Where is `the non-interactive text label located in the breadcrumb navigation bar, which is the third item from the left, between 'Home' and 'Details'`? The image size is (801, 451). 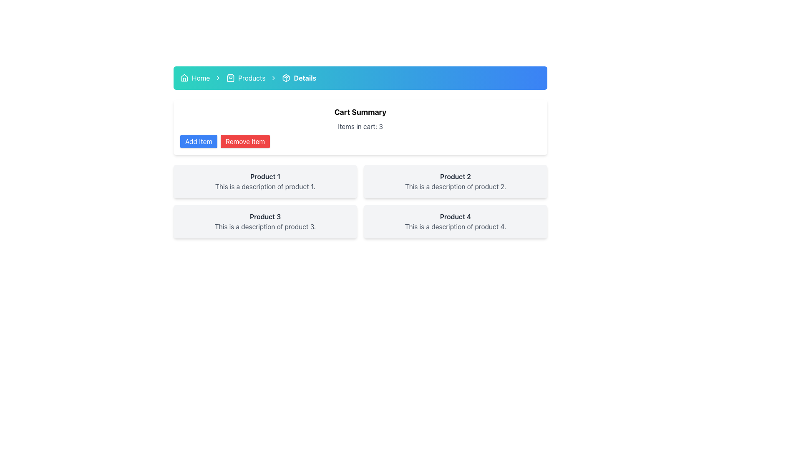
the non-interactive text label located in the breadcrumb navigation bar, which is the third item from the left, between 'Home' and 'Details' is located at coordinates (251, 78).